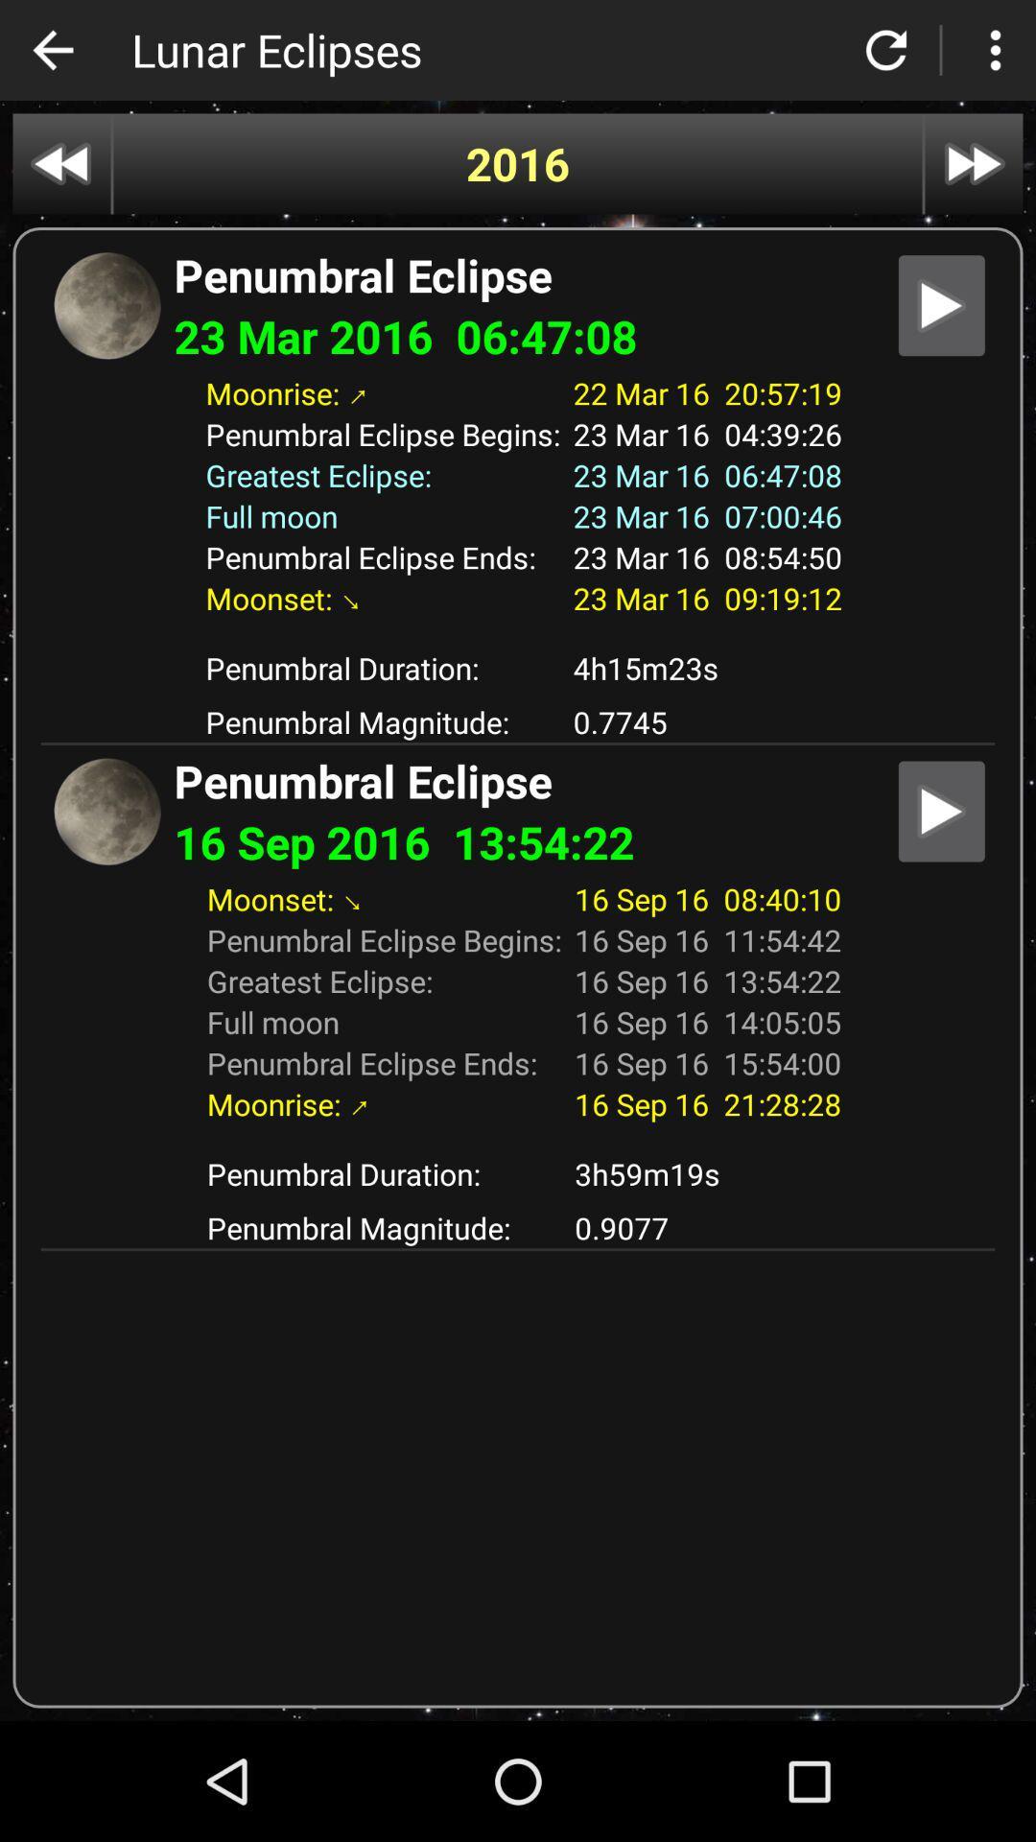 The image size is (1036, 1842). I want to click on app to the right of penumbral duration:, so click(708, 1172).